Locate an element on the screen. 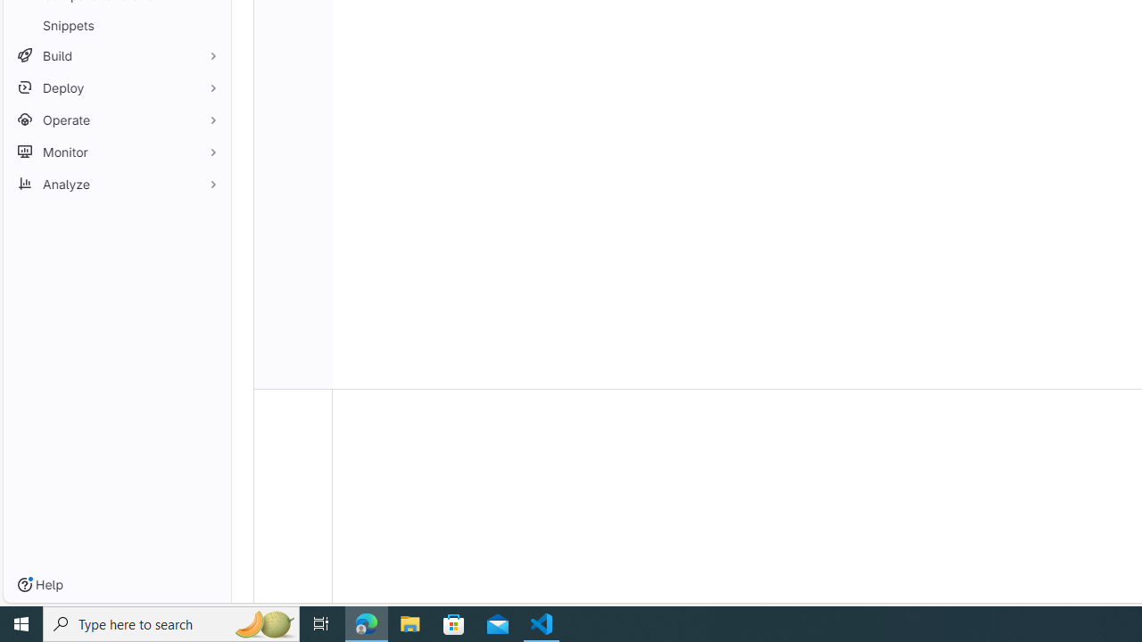 Image resolution: width=1142 pixels, height=642 pixels. 'Class: old_line diff-line-num empty-cell' is located at coordinates (293, 378).